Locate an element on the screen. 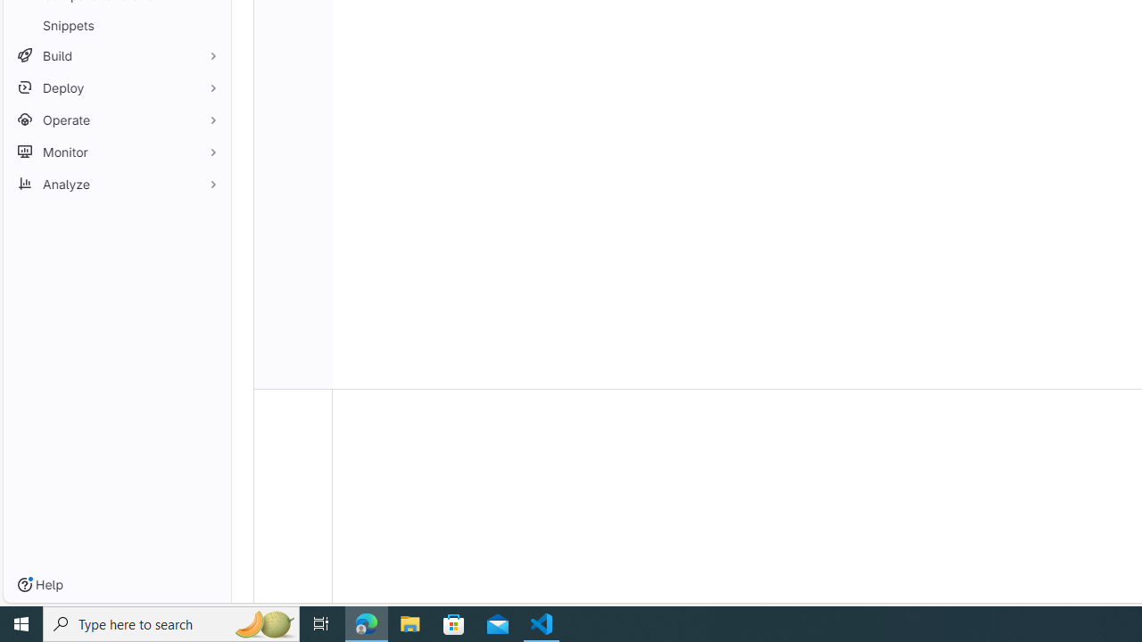 Image resolution: width=1142 pixels, height=642 pixels. 'Class: old_line diff-line-num empty-cell' is located at coordinates (293, 378).